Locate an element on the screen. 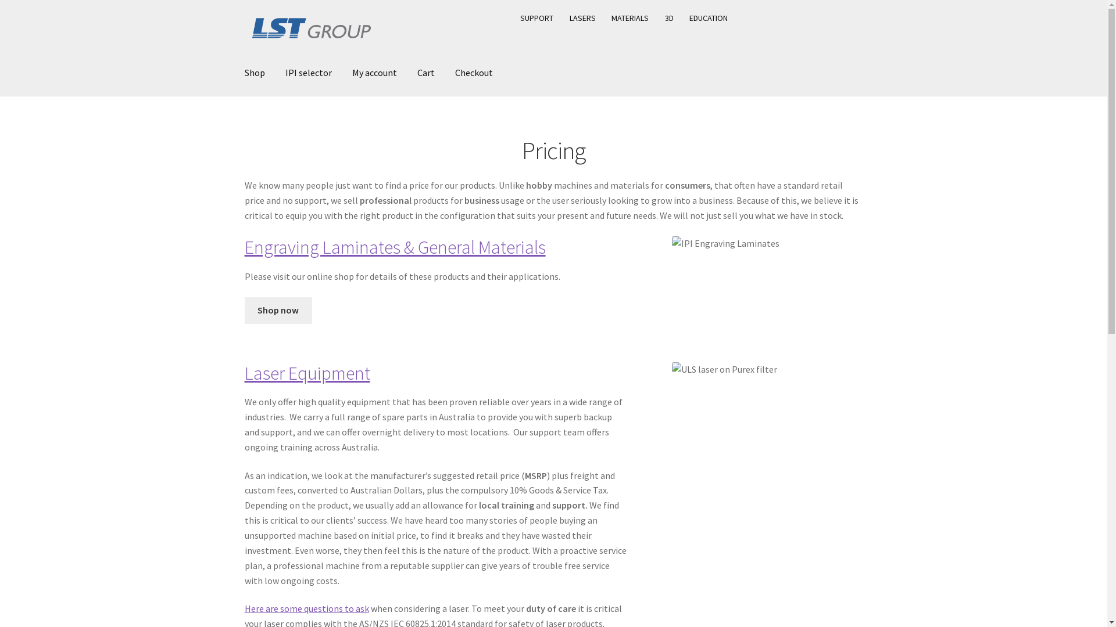 This screenshot has width=1116, height=627. 'Shop' is located at coordinates (254, 73).